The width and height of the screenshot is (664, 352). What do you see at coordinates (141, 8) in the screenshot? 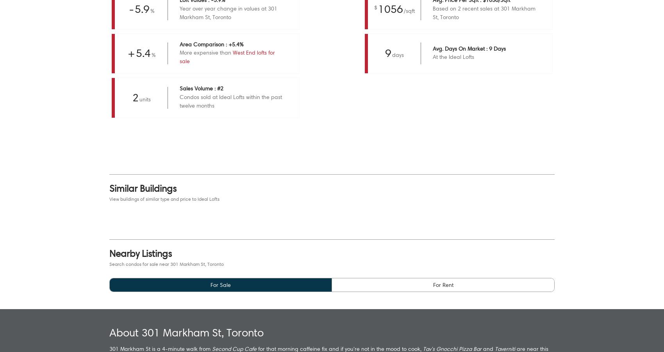
I see `'5.9'` at bounding box center [141, 8].